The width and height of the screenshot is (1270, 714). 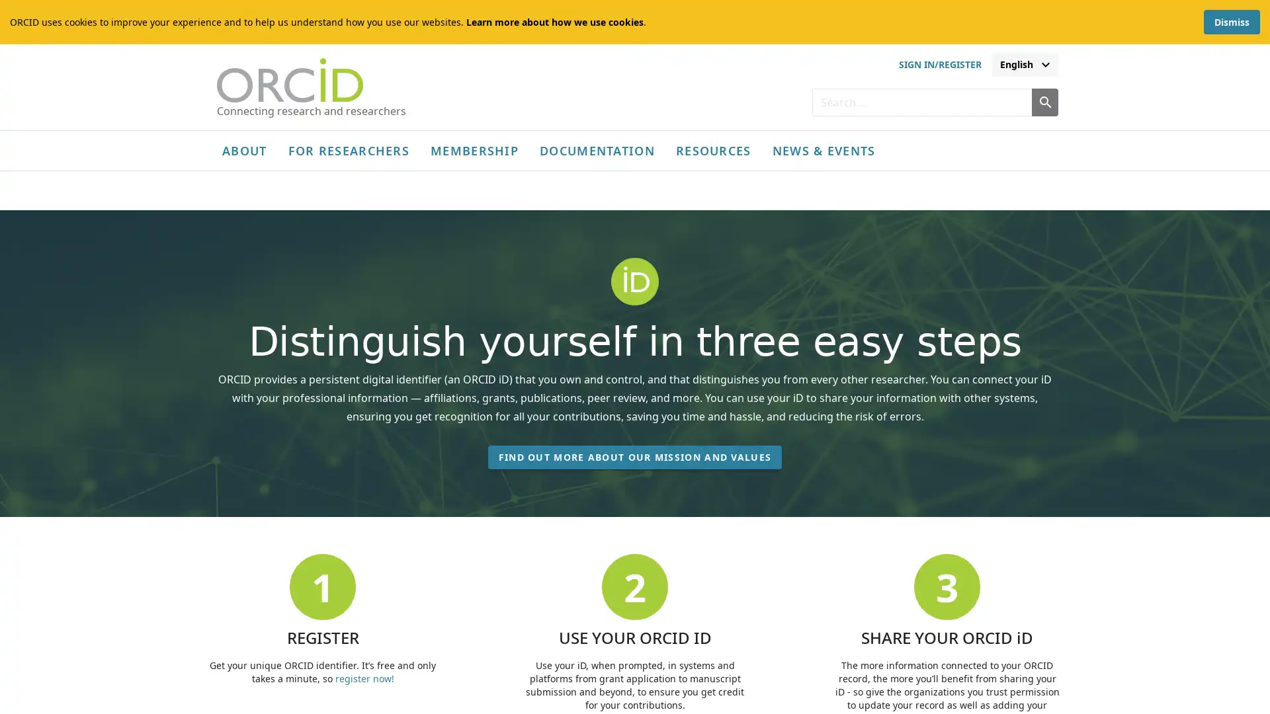 What do you see at coordinates (1044, 101) in the screenshot?
I see `Search` at bounding box center [1044, 101].